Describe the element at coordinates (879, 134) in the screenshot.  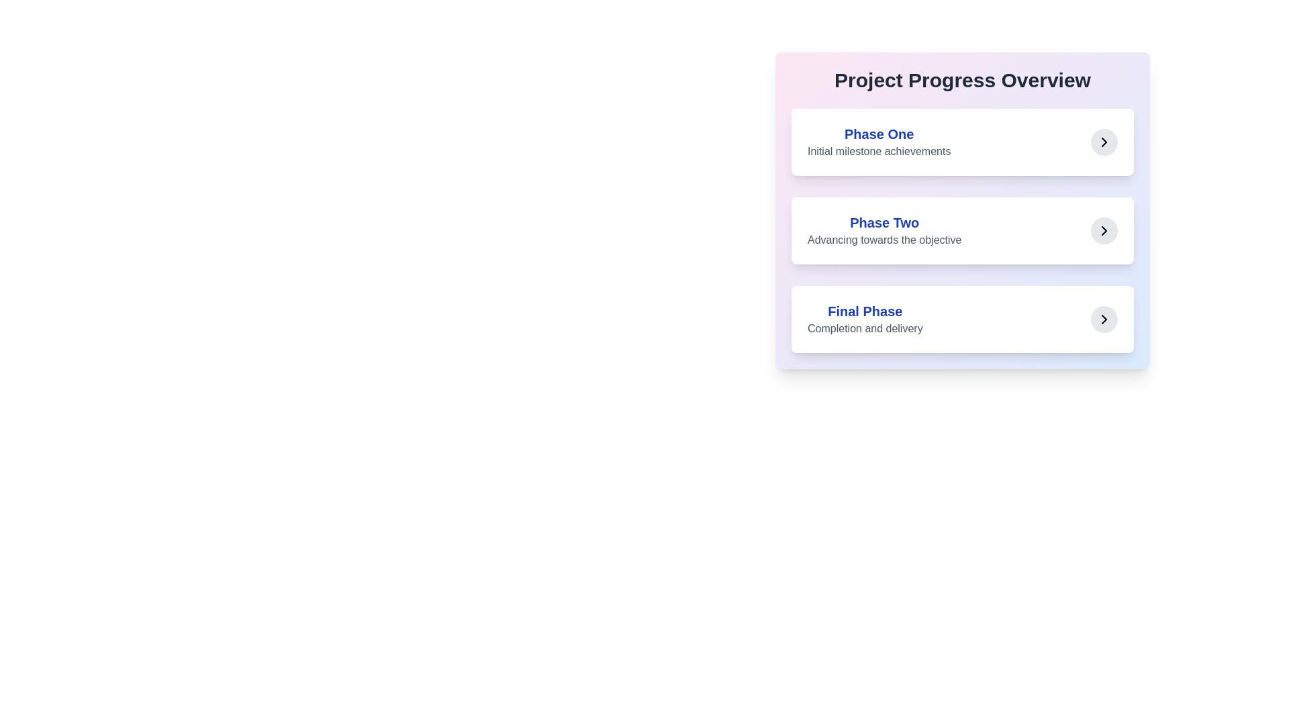
I see `the bold blue text reading 'Phase One' located at the top of the first card in the vertical stack under the 'Project Progress Overview' title` at that location.